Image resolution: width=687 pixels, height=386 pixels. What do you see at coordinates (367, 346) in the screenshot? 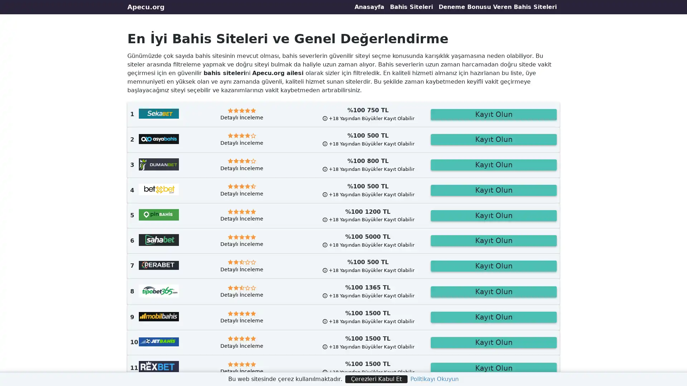
I see `Load terms and conditions` at bounding box center [367, 346].